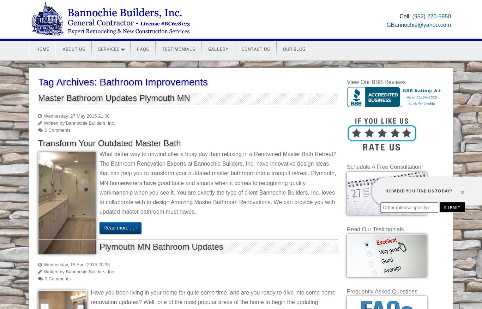 The width and height of the screenshot is (482, 309). I want to click on 'GBannochie@yahoo.com', so click(418, 25).